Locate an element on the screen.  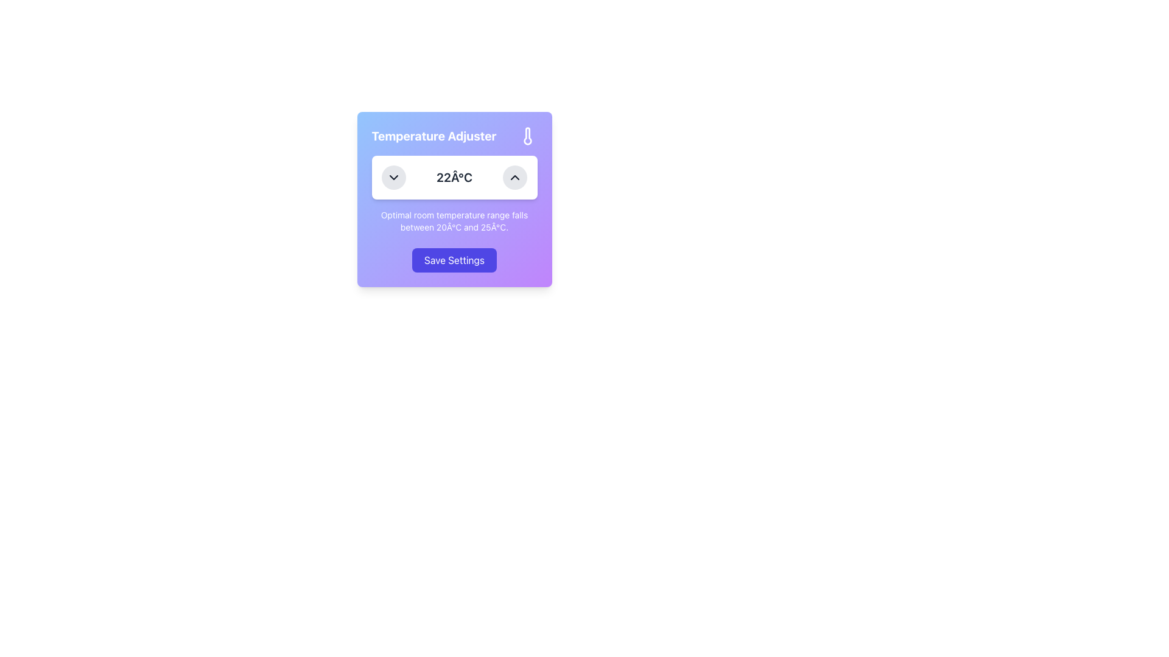
the leftmost circular button with a gray background and a chevron-down icon to decrement the temperature is located at coordinates (393, 178).